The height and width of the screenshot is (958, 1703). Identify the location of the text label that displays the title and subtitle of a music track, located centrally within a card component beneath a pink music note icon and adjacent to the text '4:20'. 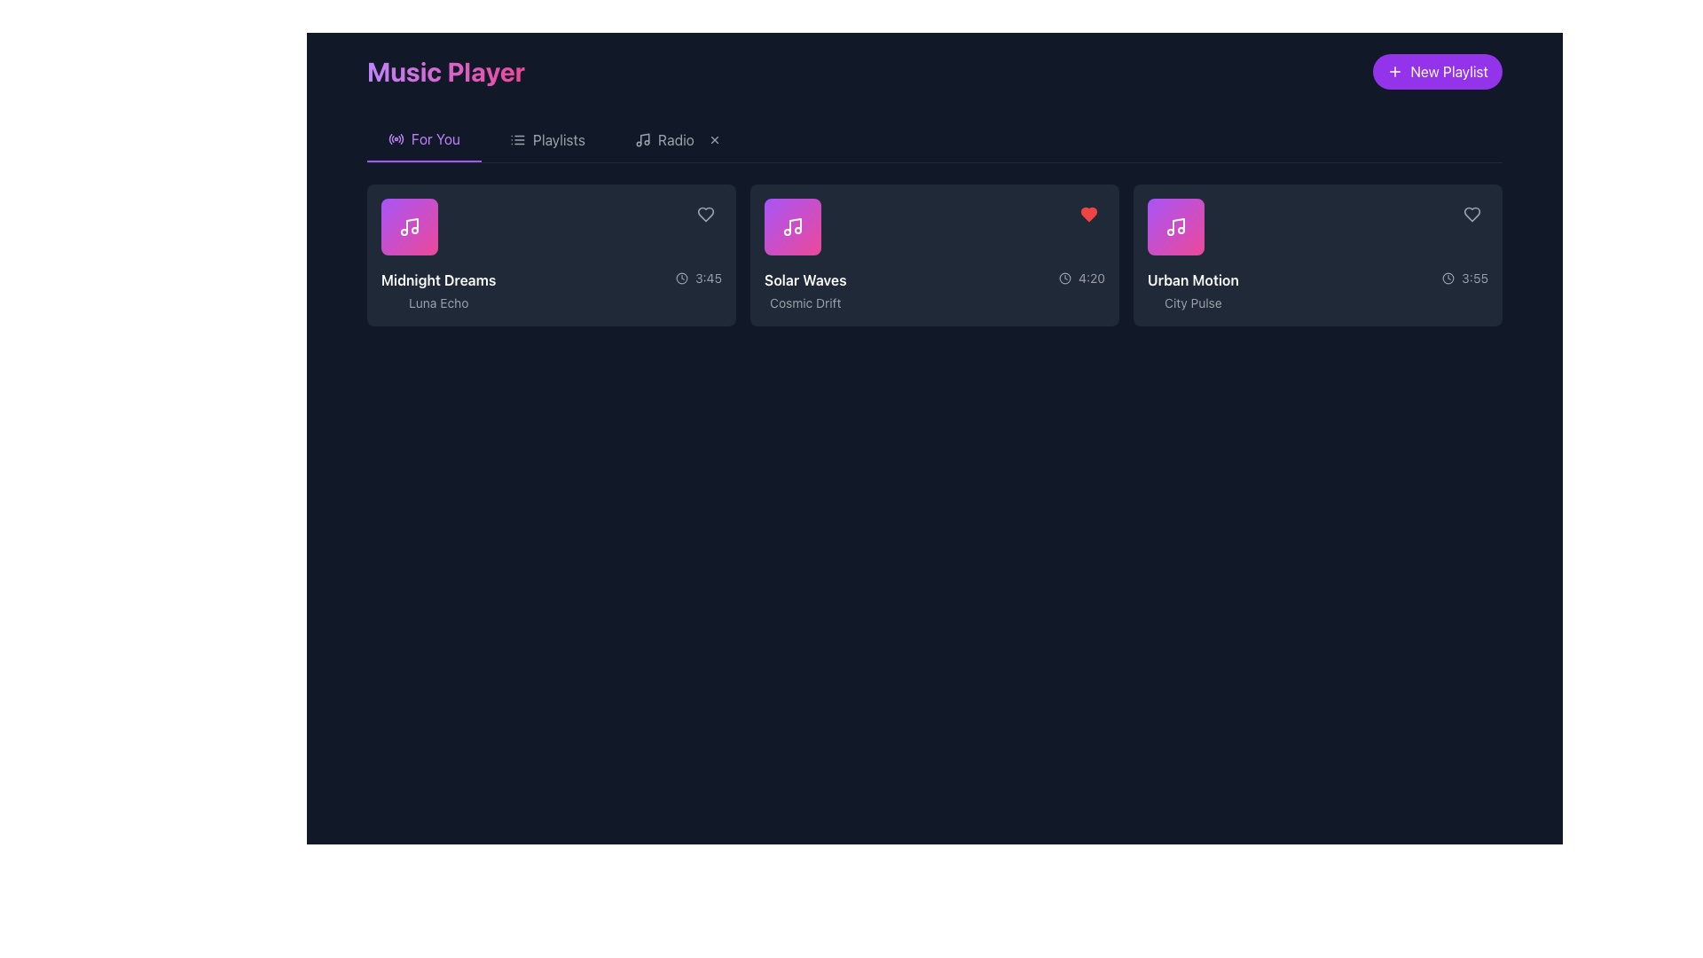
(804, 289).